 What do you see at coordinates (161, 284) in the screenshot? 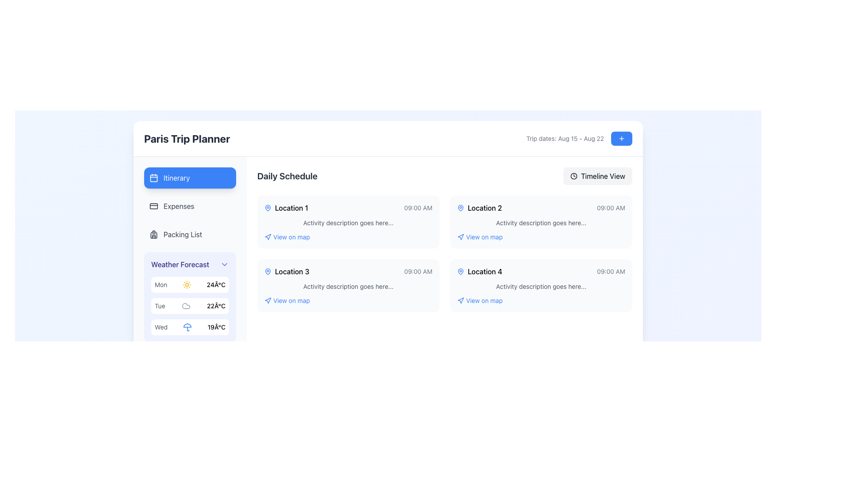
I see `text label displaying 'Mon' in gray color, located in the 'Weather Forecast' section next to a sun icon and temperature text` at bounding box center [161, 284].